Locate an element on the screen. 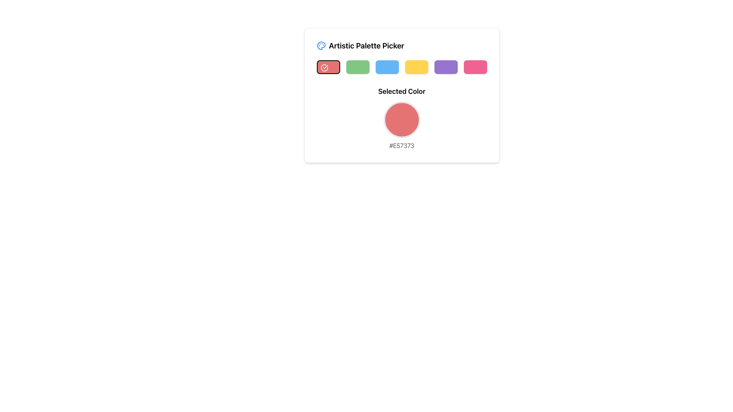 This screenshot has width=733, height=412. the color palette selector located in the upper section of the 'Artistic Palette Picker' card is located at coordinates (401, 67).